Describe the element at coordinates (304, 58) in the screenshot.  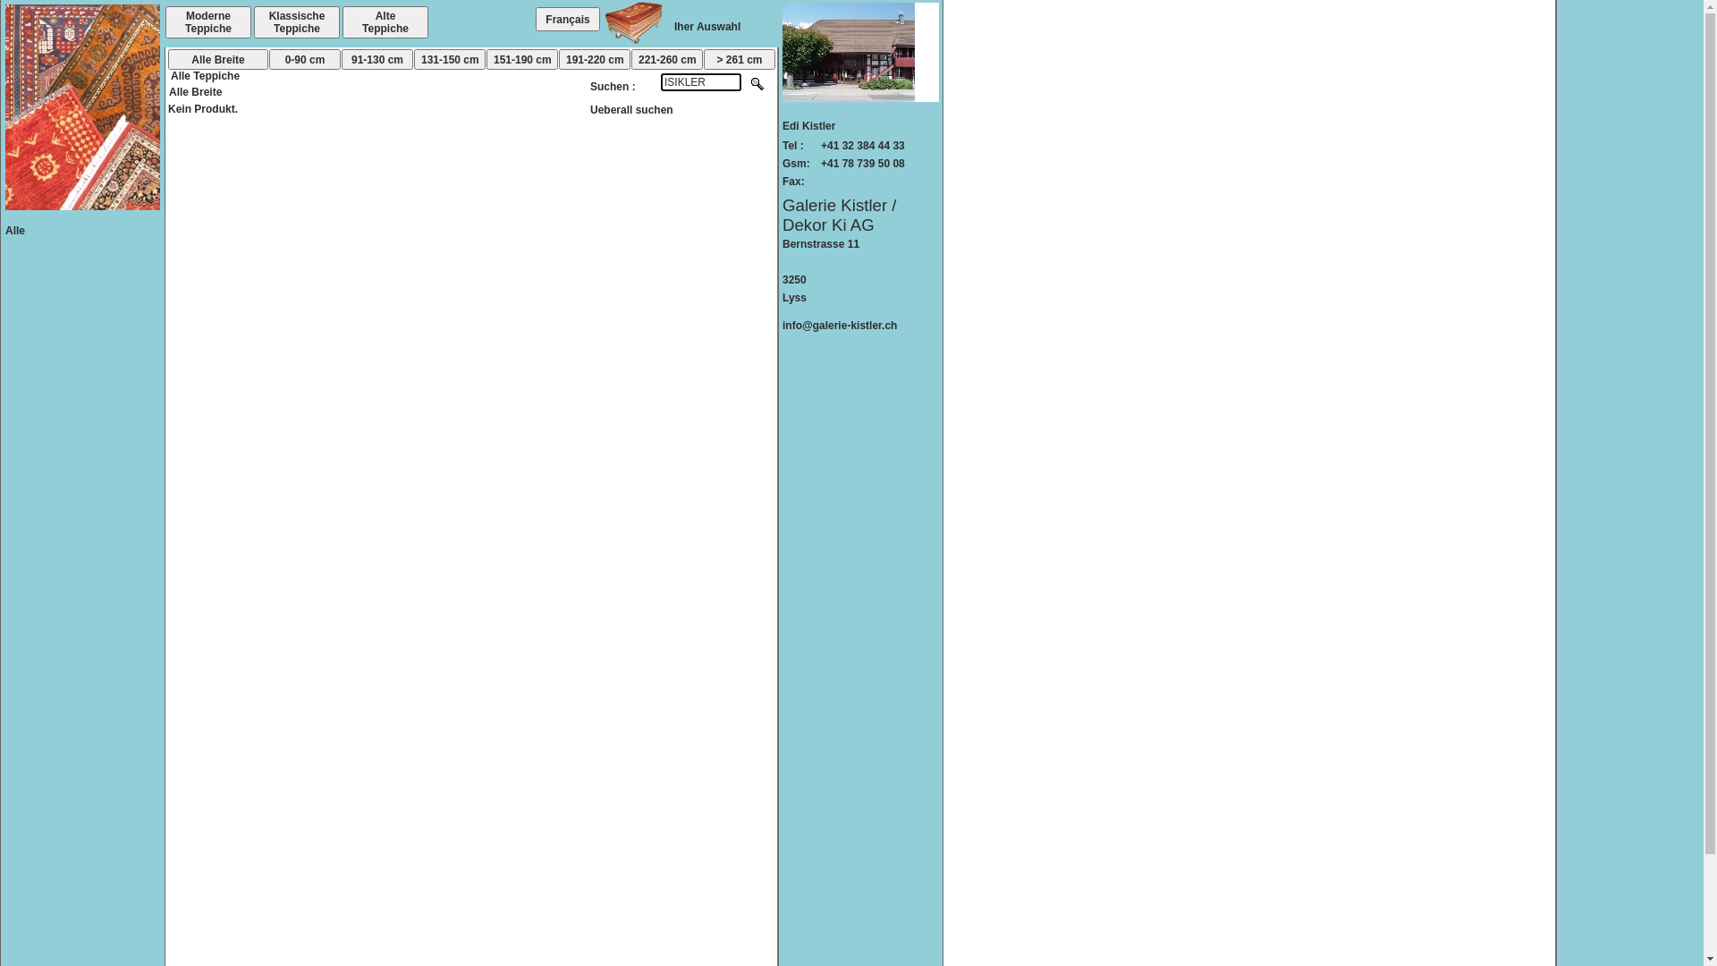
I see `'0-90 cm'` at that location.